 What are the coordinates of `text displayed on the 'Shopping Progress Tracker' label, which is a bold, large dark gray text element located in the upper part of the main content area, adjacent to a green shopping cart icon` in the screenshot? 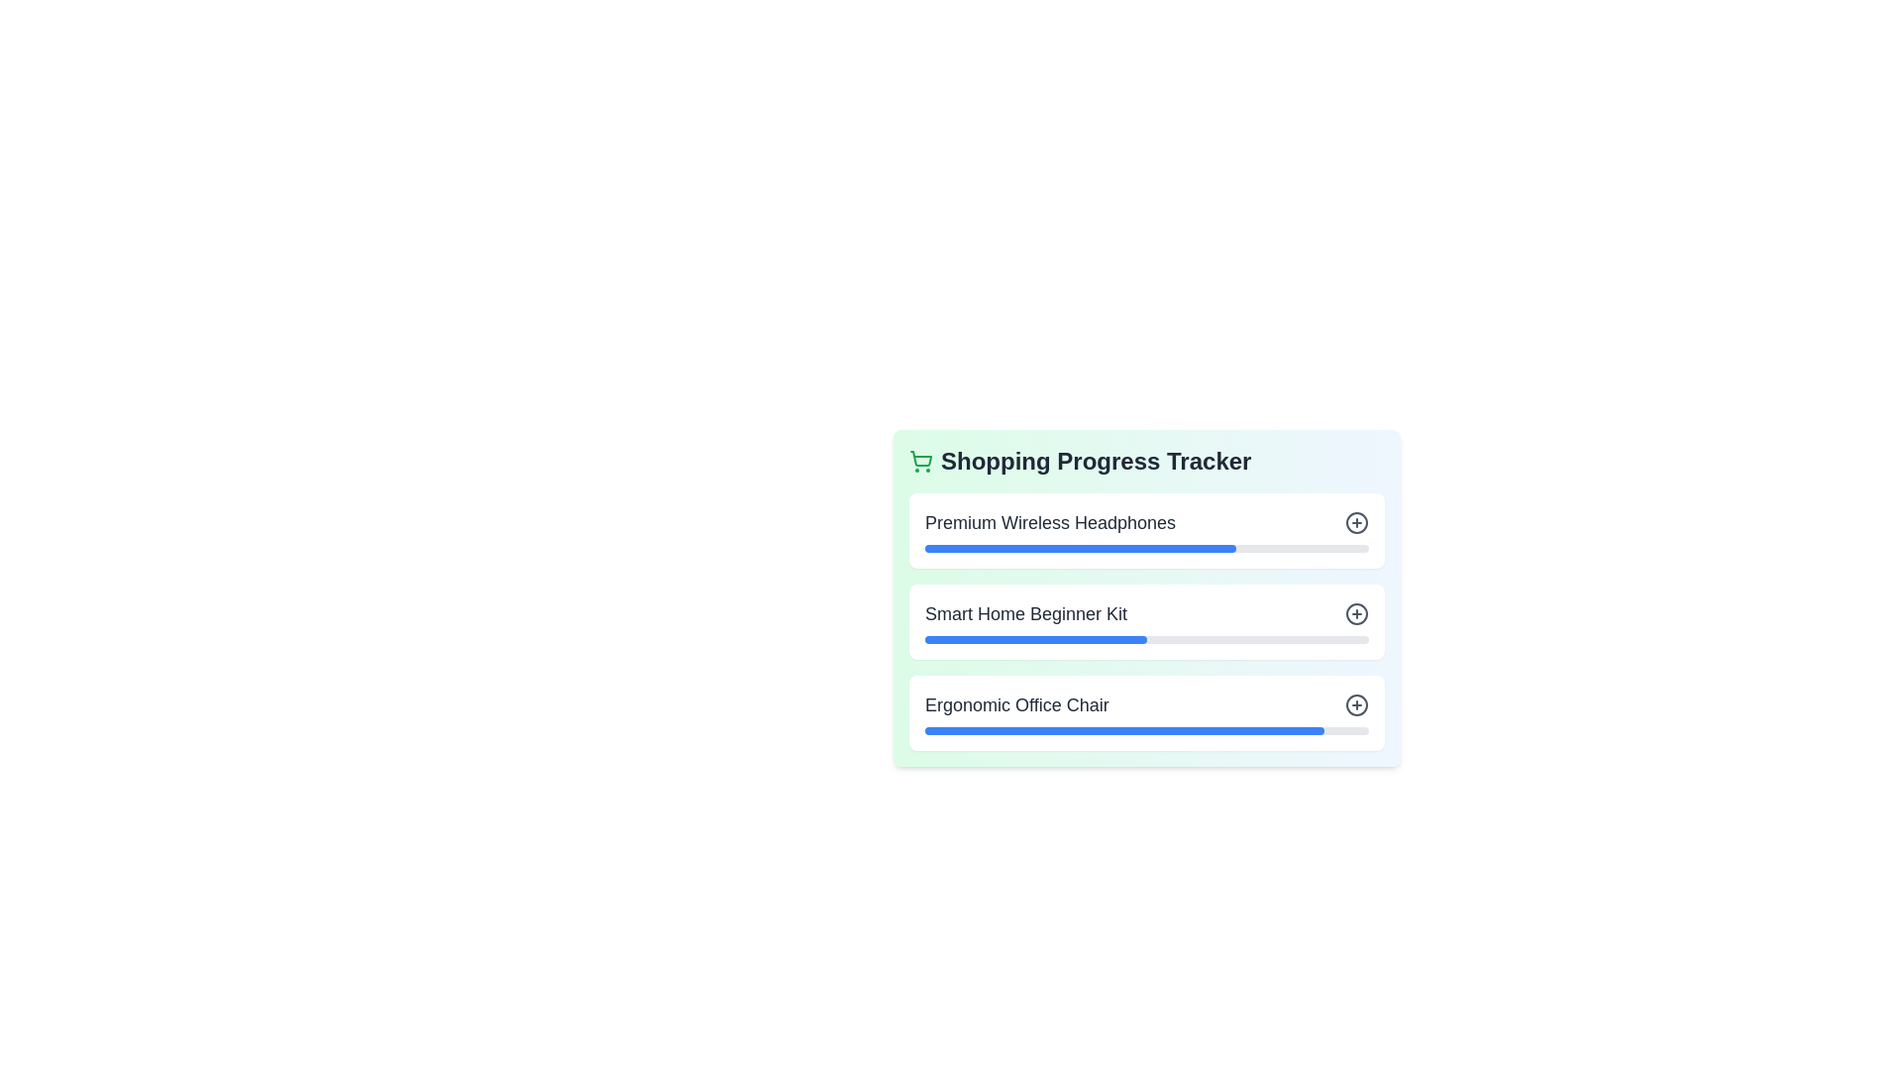 It's located at (1095, 462).